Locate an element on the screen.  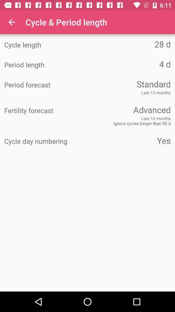
28 d icon is located at coordinates (129, 44).